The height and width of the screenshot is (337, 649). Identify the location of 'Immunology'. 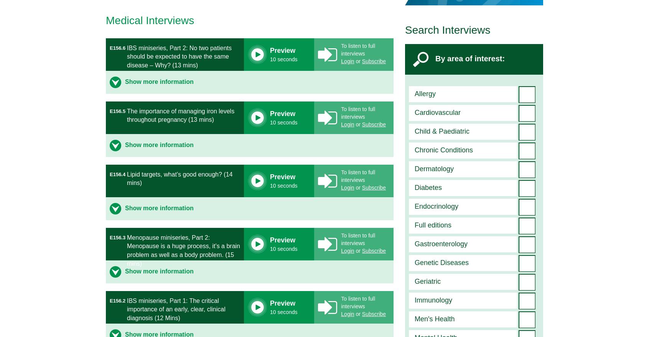
(433, 300).